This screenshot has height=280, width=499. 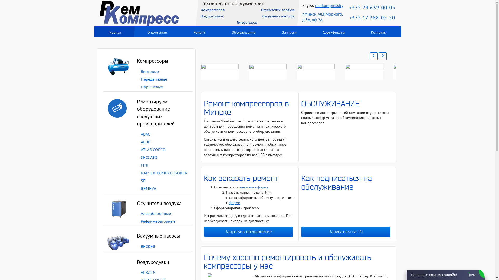 What do you see at coordinates (148, 272) in the screenshot?
I see `'AERZEN'` at bounding box center [148, 272].